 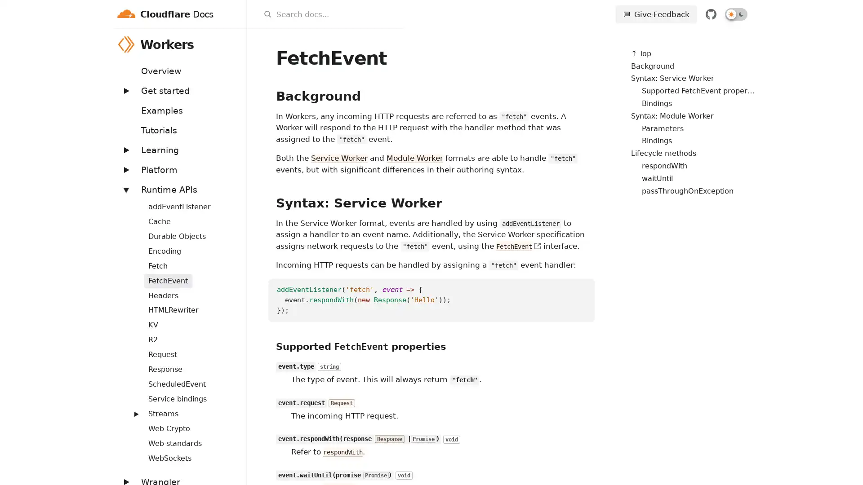 I want to click on Expand: Get started, so click(x=125, y=90).